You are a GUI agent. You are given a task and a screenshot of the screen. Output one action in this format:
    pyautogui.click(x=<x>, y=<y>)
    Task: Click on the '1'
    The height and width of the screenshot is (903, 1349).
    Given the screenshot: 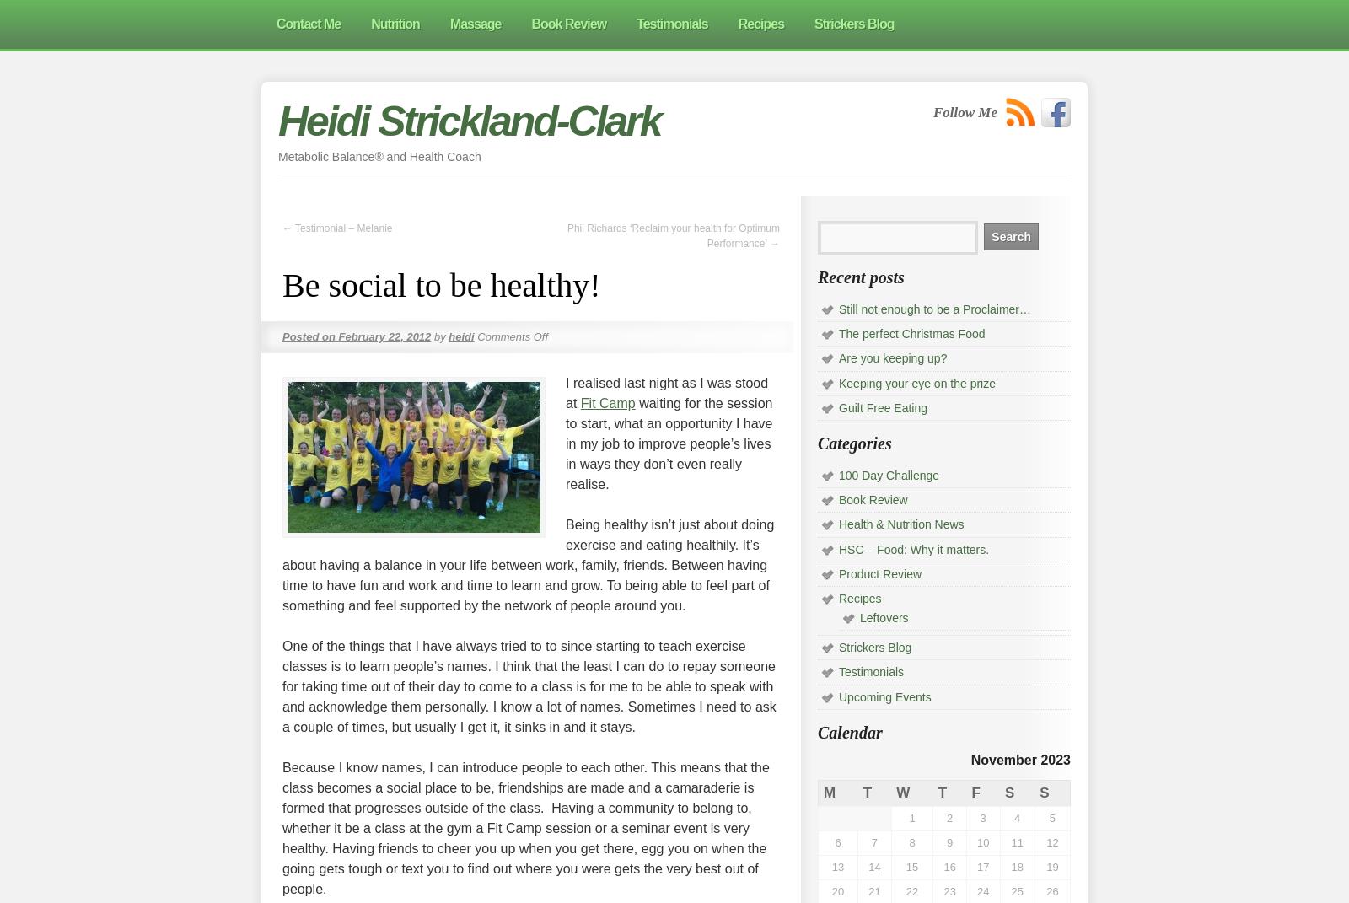 What is the action you would take?
    pyautogui.click(x=911, y=816)
    